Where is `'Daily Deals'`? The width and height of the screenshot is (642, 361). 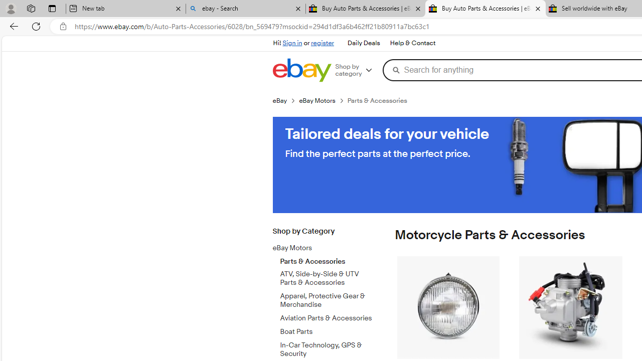 'Daily Deals' is located at coordinates (363, 43).